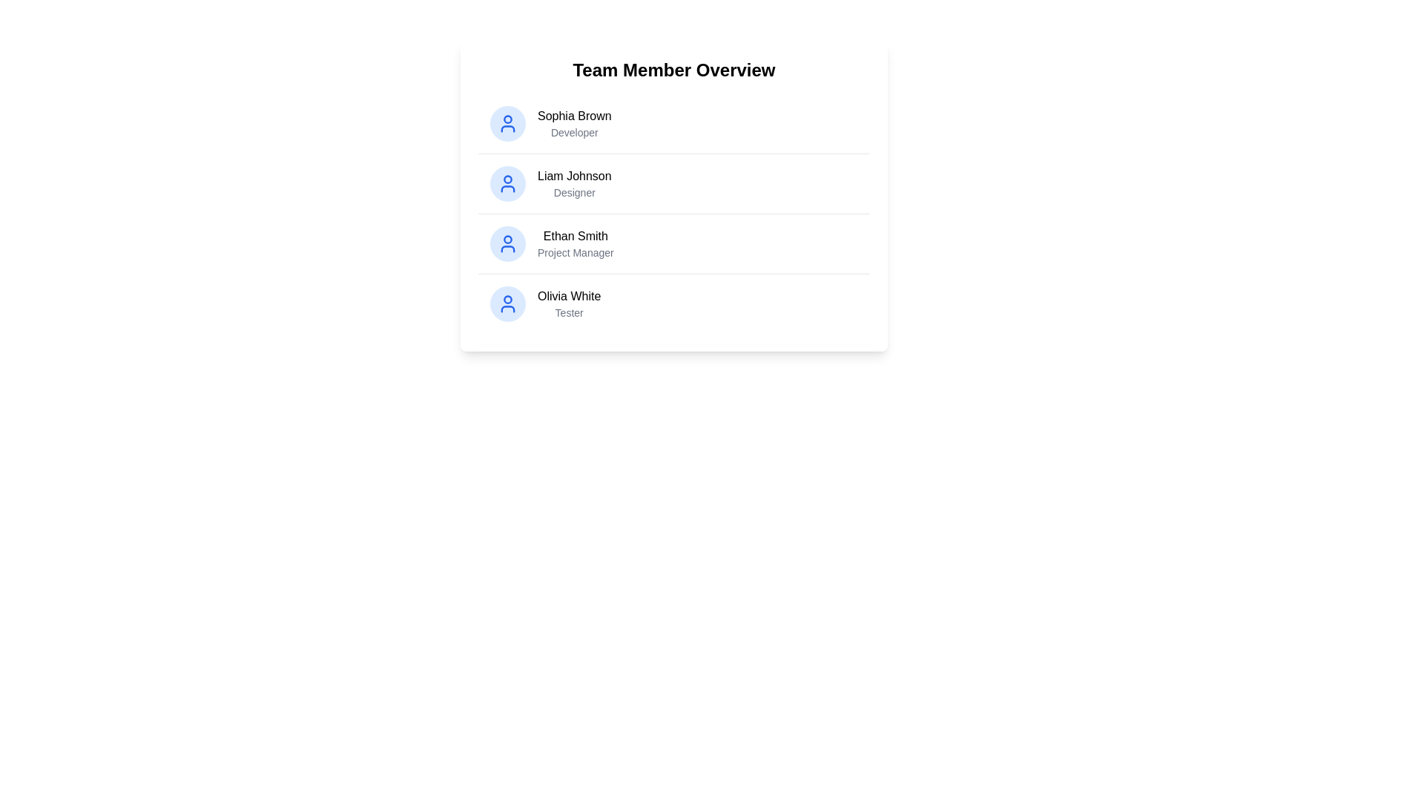  Describe the element at coordinates (508, 239) in the screenshot. I see `and identify the blue circular shape inside the user avatar icon, which is located adjacent to the name 'Ethan Smith' and the role 'Project Manager.'` at that location.